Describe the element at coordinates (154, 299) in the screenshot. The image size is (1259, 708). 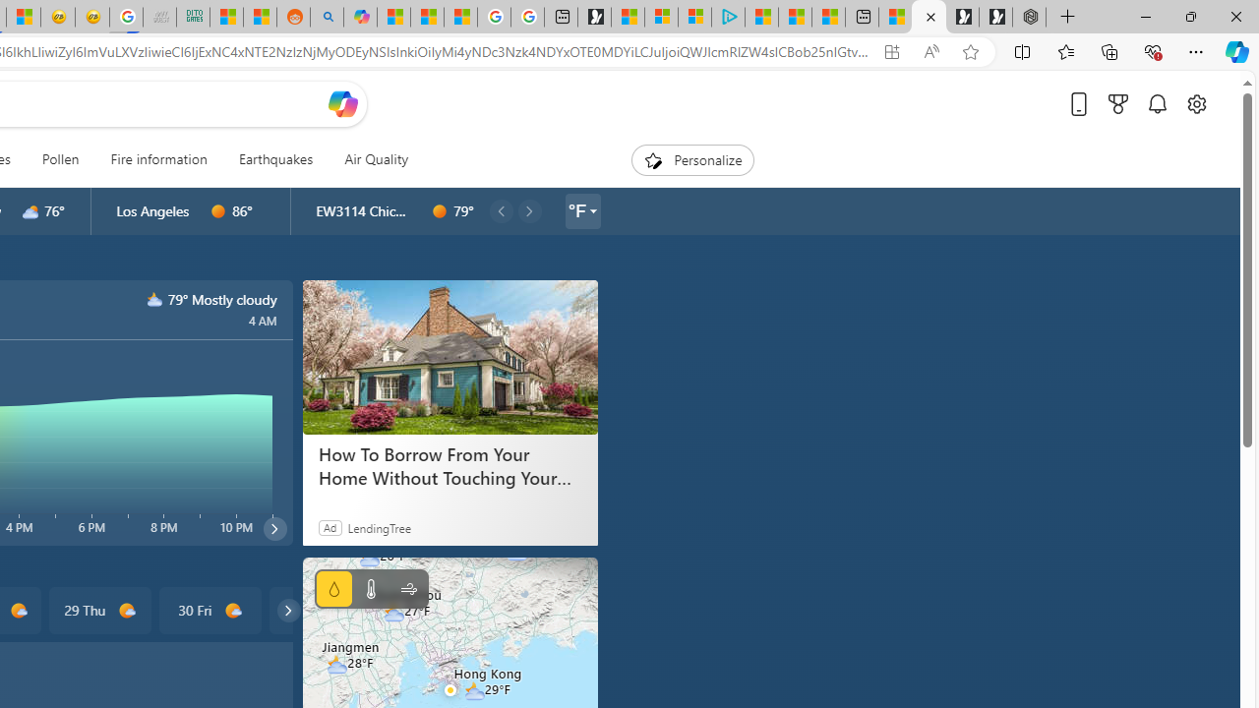
I see `'n3000'` at that location.